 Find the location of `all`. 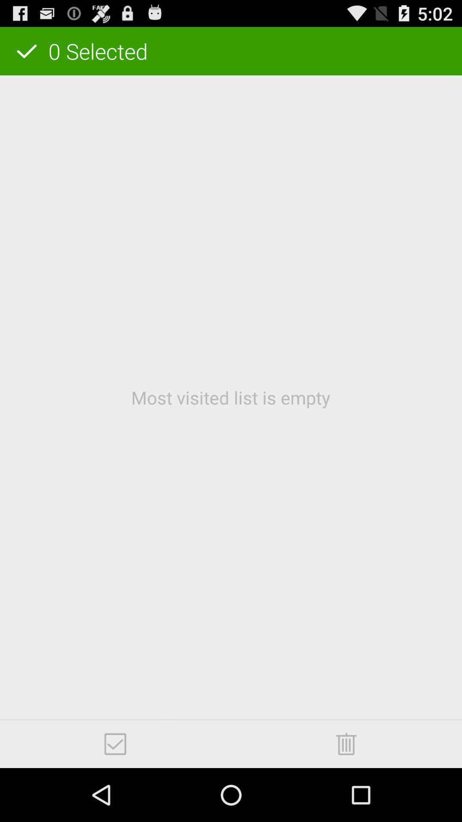

all is located at coordinates (115, 744).